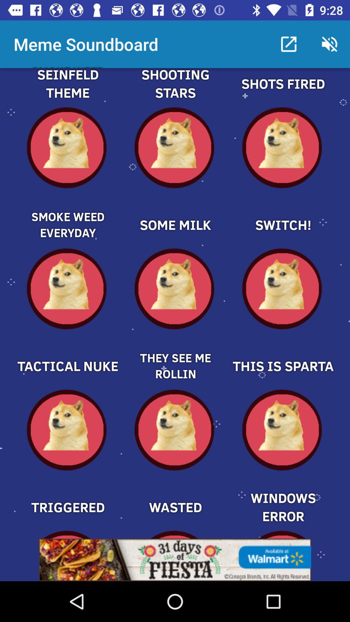 Image resolution: width=350 pixels, height=622 pixels. I want to click on some milk meme, so click(175, 214).